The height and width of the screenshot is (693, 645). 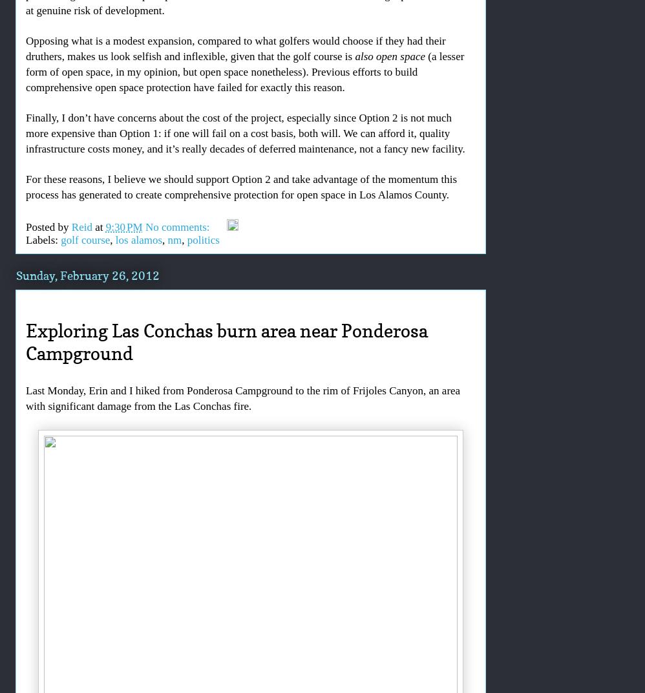 I want to click on '9:30 PM', so click(x=123, y=227).